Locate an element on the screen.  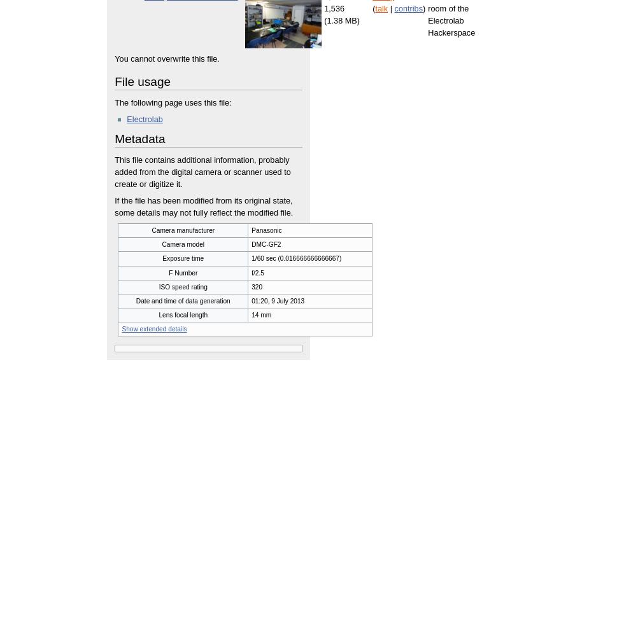
'contribs' is located at coordinates (408, 8).